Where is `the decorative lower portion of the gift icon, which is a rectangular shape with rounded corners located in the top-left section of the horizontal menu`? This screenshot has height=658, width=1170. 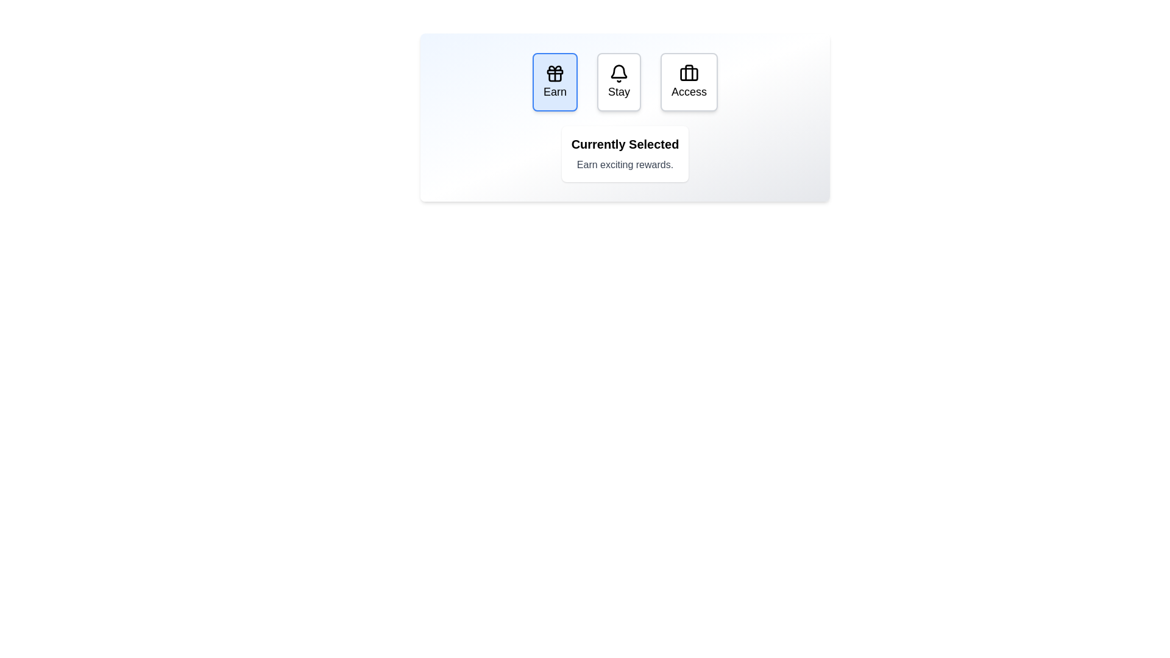 the decorative lower portion of the gift icon, which is a rectangular shape with rounded corners located in the top-left section of the horizontal menu is located at coordinates (555, 77).